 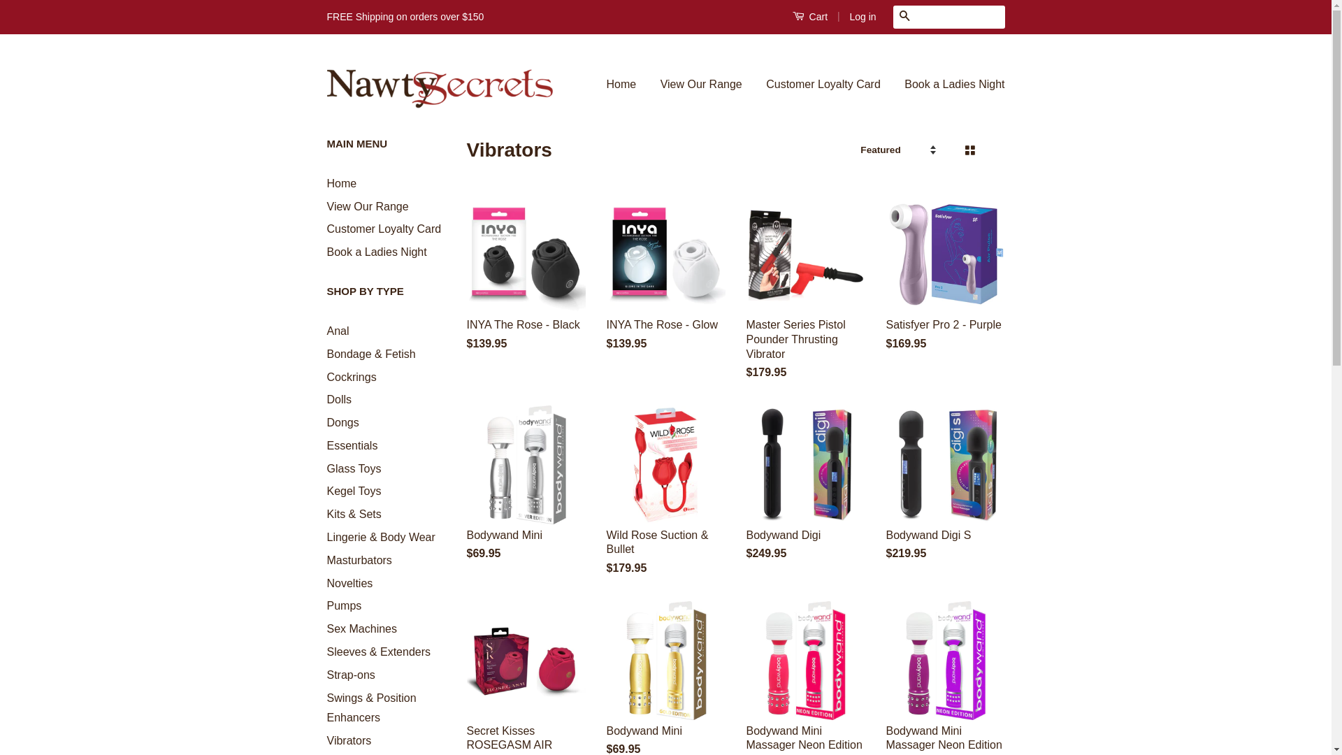 I want to click on 'Customer Loyalty Card', so click(x=326, y=228).